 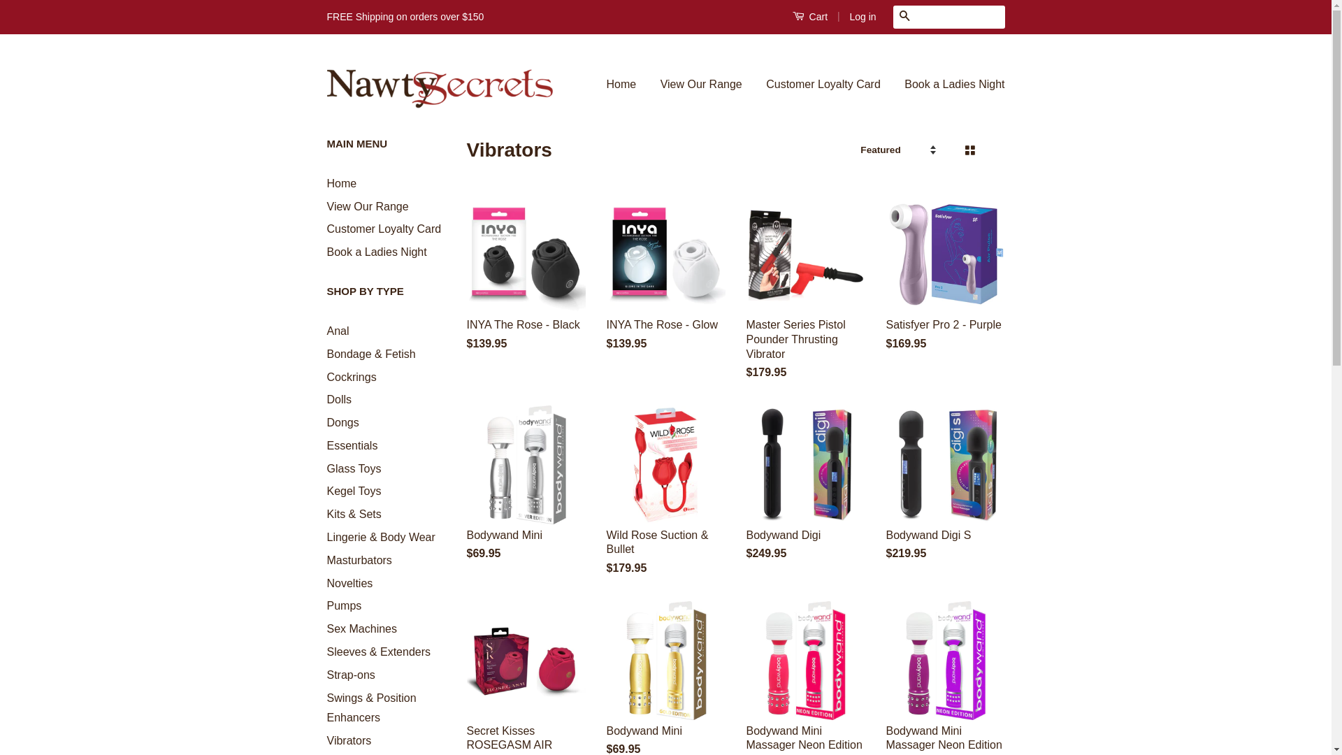 I want to click on 'Customer Loyalty Card', so click(x=326, y=228).